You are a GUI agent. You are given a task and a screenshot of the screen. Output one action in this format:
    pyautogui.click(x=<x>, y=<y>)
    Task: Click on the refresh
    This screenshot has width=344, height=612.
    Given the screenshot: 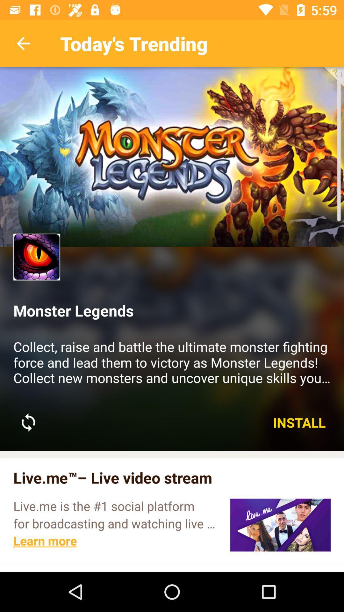 What is the action you would take?
    pyautogui.click(x=28, y=422)
    